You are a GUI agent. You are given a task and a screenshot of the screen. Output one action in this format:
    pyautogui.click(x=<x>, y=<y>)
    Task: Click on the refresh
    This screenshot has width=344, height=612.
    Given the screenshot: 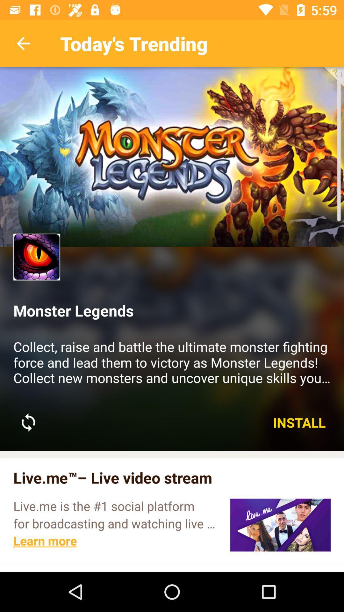 What is the action you would take?
    pyautogui.click(x=28, y=422)
    